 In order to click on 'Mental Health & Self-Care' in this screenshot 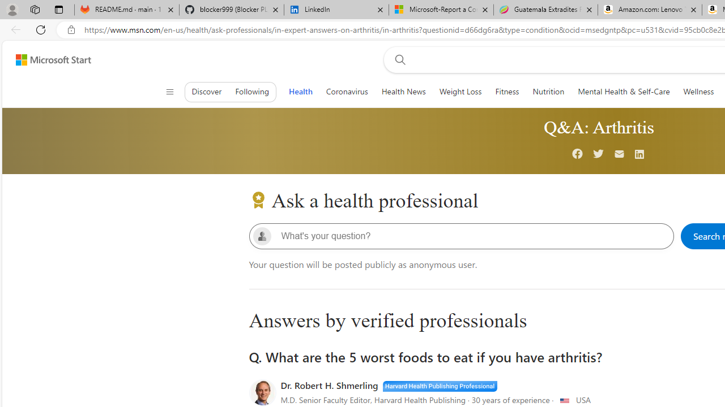, I will do `click(624, 91)`.